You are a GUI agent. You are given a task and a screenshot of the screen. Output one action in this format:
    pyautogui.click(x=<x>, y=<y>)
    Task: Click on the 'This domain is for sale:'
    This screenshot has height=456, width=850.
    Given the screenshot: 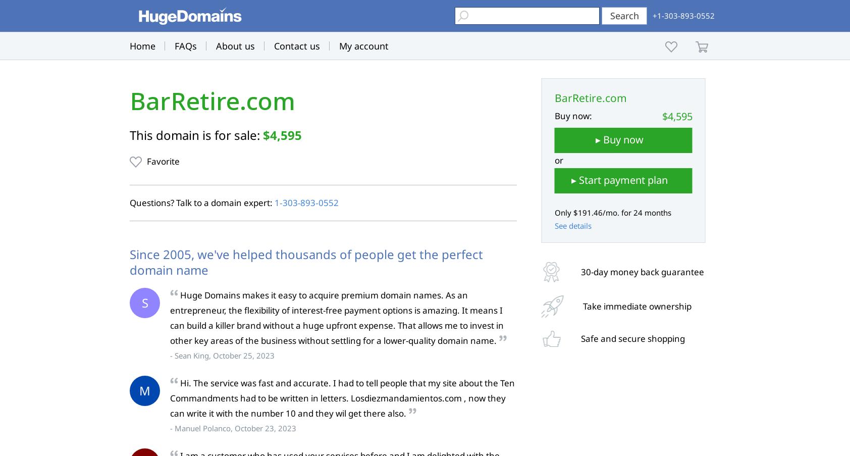 What is the action you would take?
    pyautogui.click(x=196, y=134)
    